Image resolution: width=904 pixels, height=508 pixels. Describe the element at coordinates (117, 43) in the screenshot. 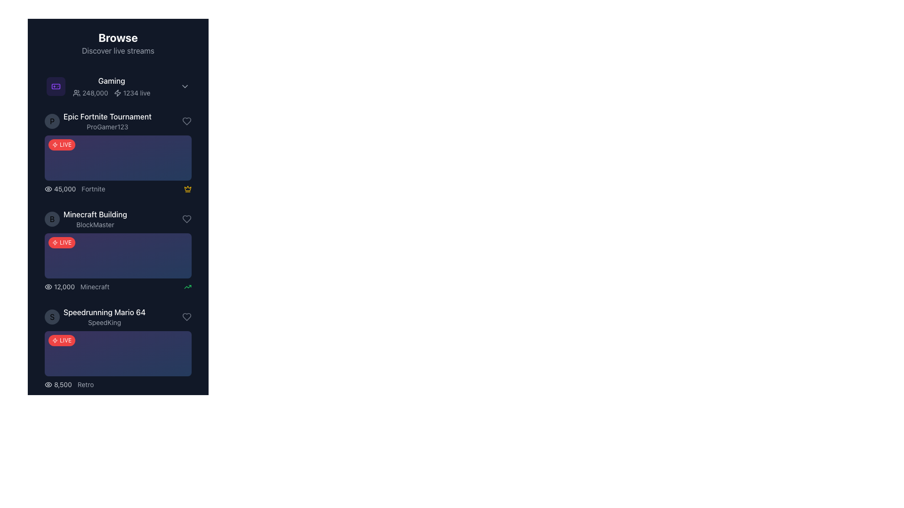

I see `the Header element, which features bold white text 'Browse' and smaller gray text 'Discover live streams', located at the top of the left-side navigation panel` at that location.